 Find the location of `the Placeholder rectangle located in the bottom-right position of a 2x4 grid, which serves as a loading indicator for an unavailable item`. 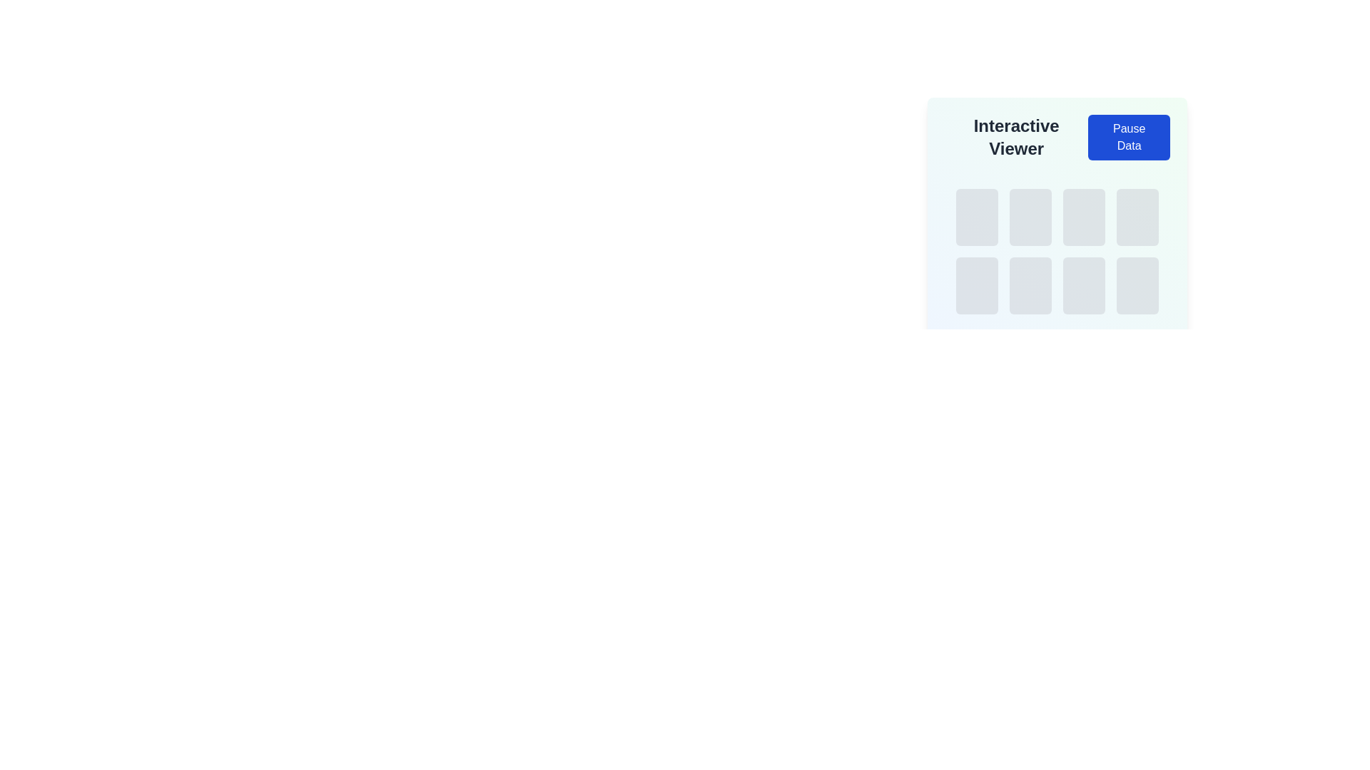

the Placeholder rectangle located in the bottom-right position of a 2x4 grid, which serves as a loading indicator for an unavailable item is located at coordinates (1137, 286).